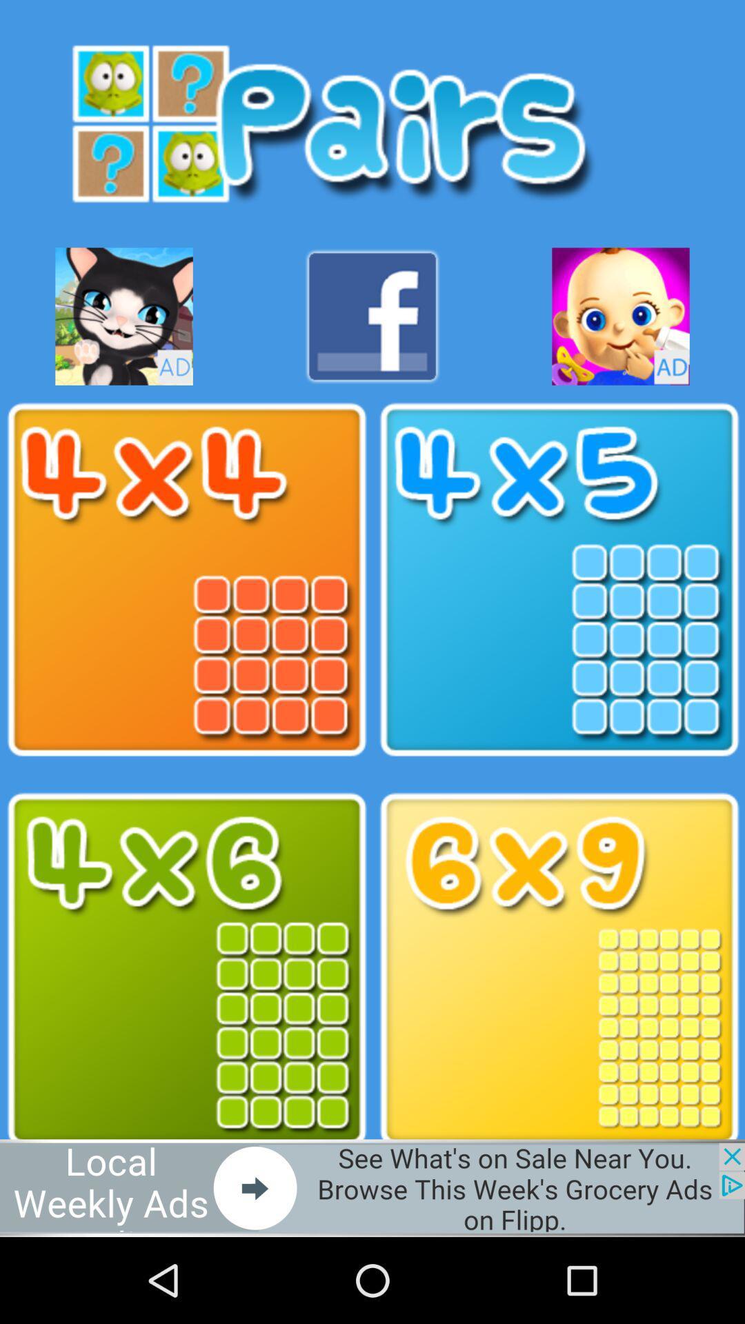 This screenshot has height=1324, width=745. Describe the element at coordinates (372, 1187) in the screenshot. I see `advertisement banner` at that location.